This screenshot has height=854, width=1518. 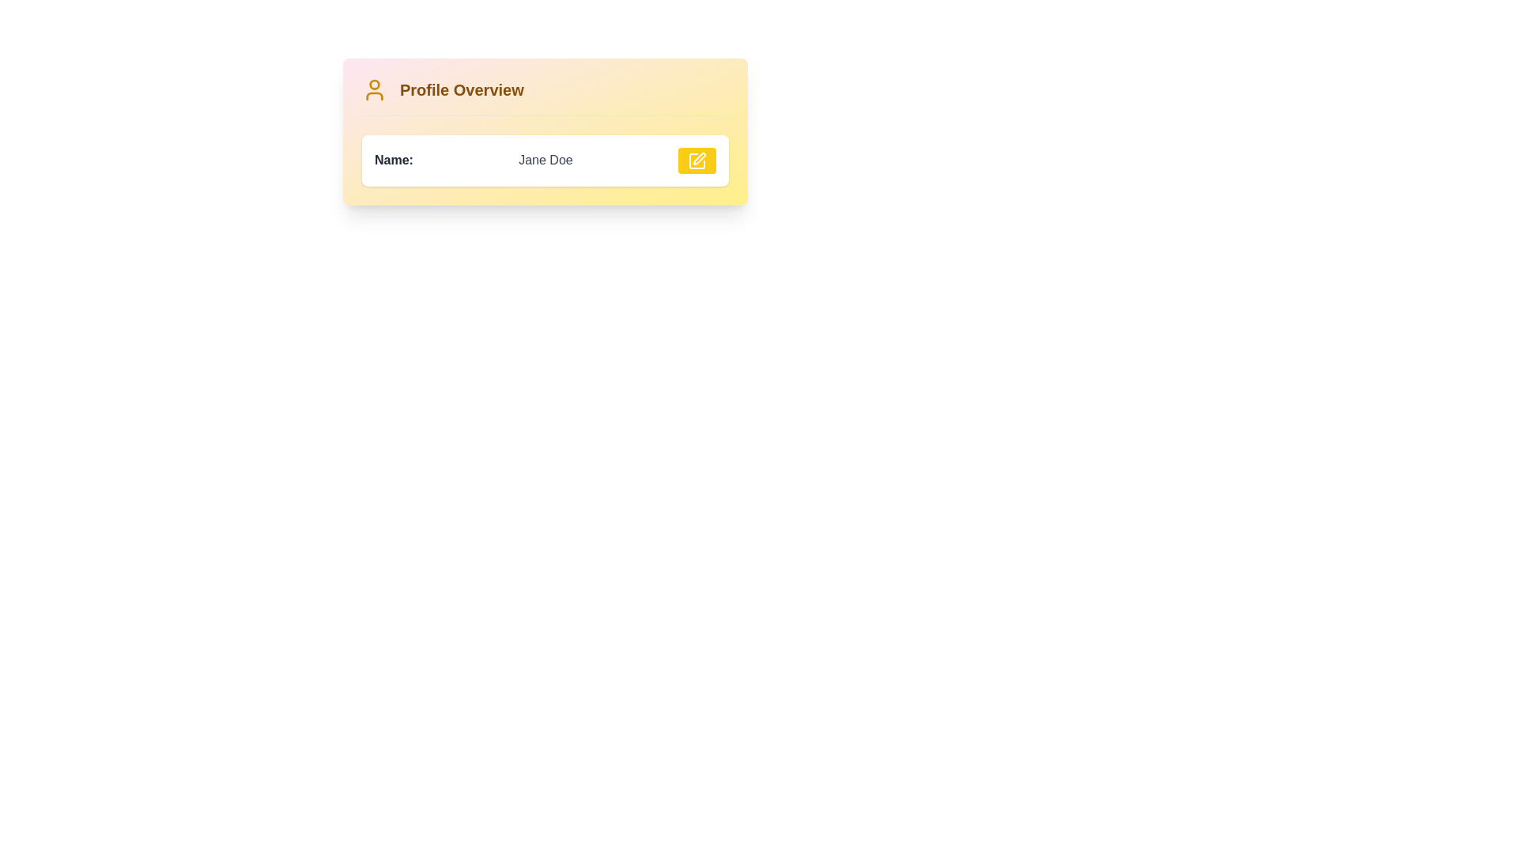 What do you see at coordinates (697, 161) in the screenshot?
I see `the button with a yellow background and a white pencil icon, located at the right end of the row containing the text 'Name: Jane Doe'` at bounding box center [697, 161].